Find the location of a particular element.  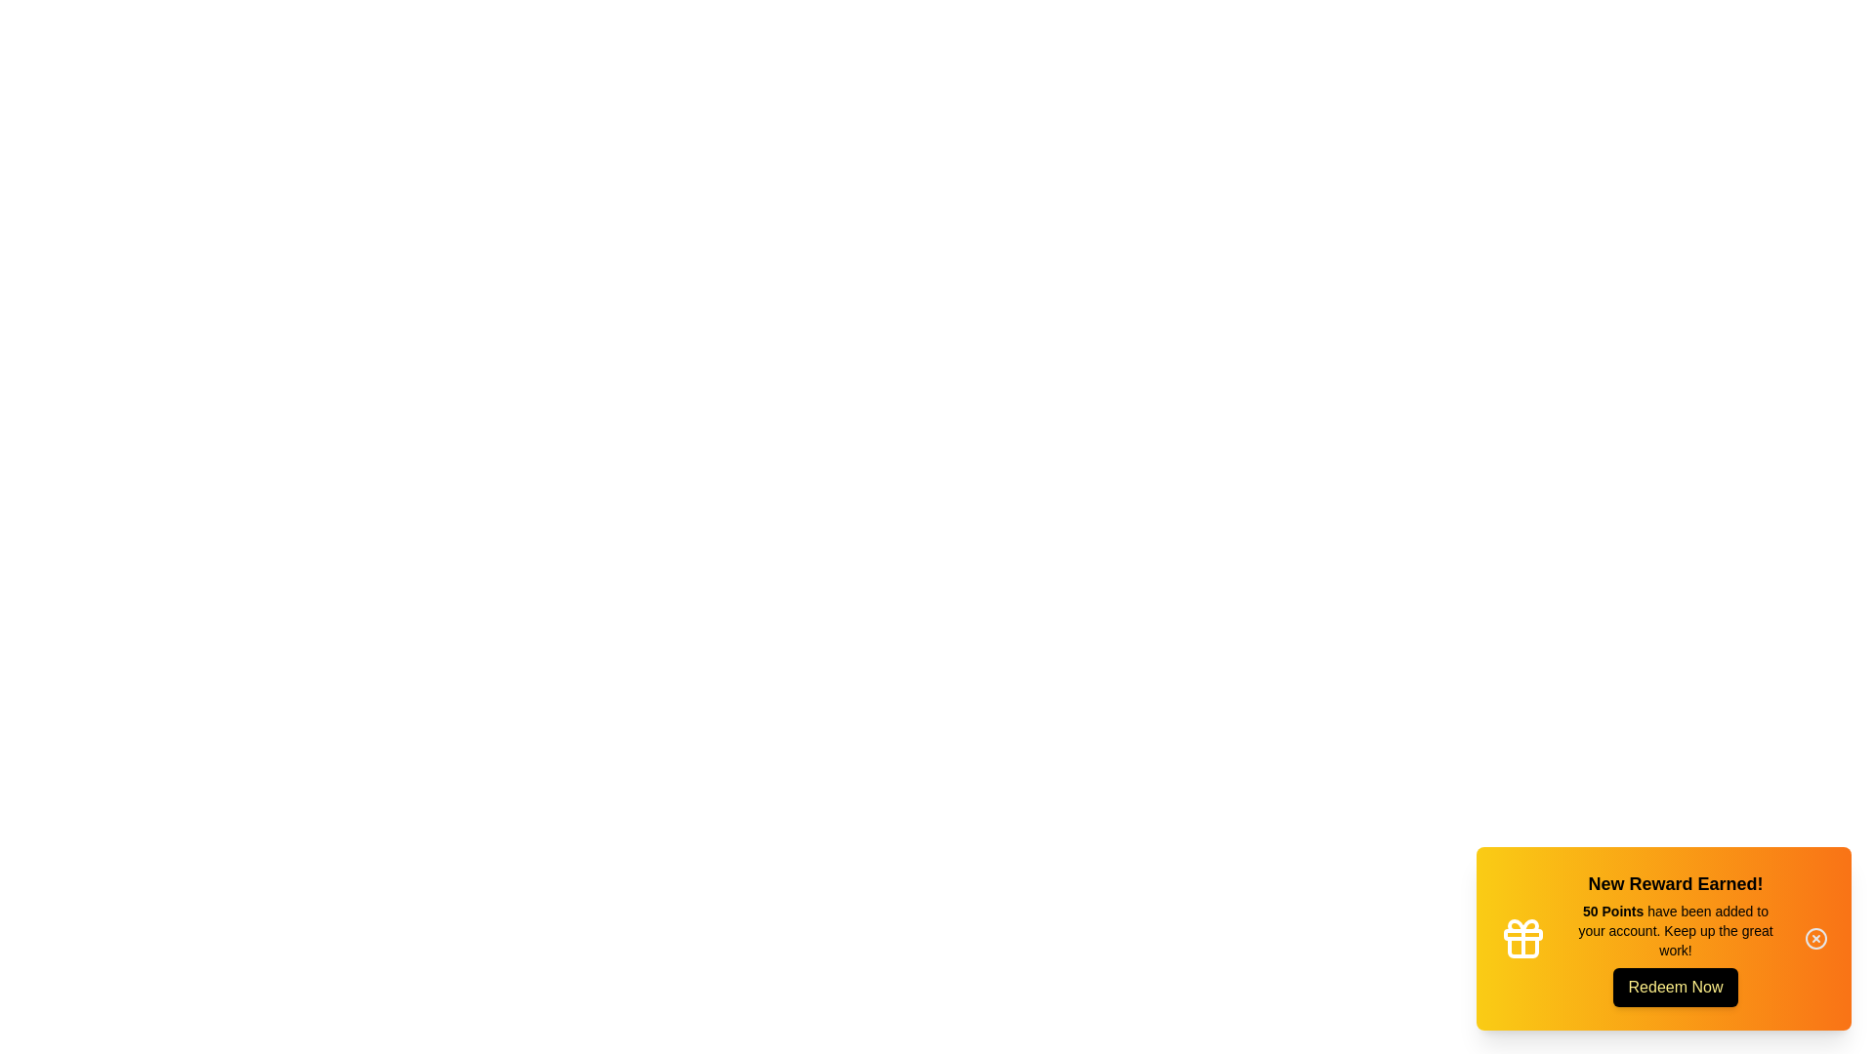

the interactive element 'Redeem Now button' to trigger its visual effect is located at coordinates (1675, 987).